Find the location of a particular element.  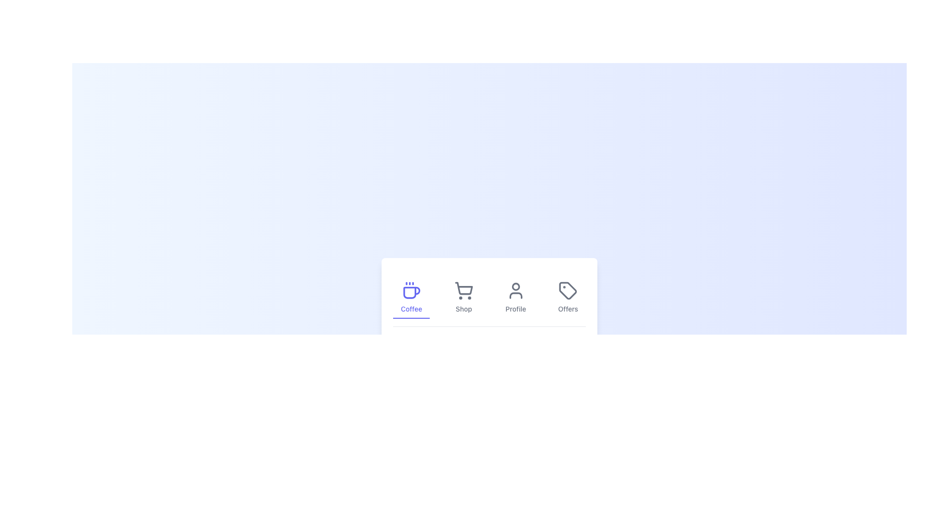

the 'Shop' label, which is a text label styled with a small font size and medium weight, located below a shopping cart icon in the second position of a horizontal navigation bar is located at coordinates (463, 309).